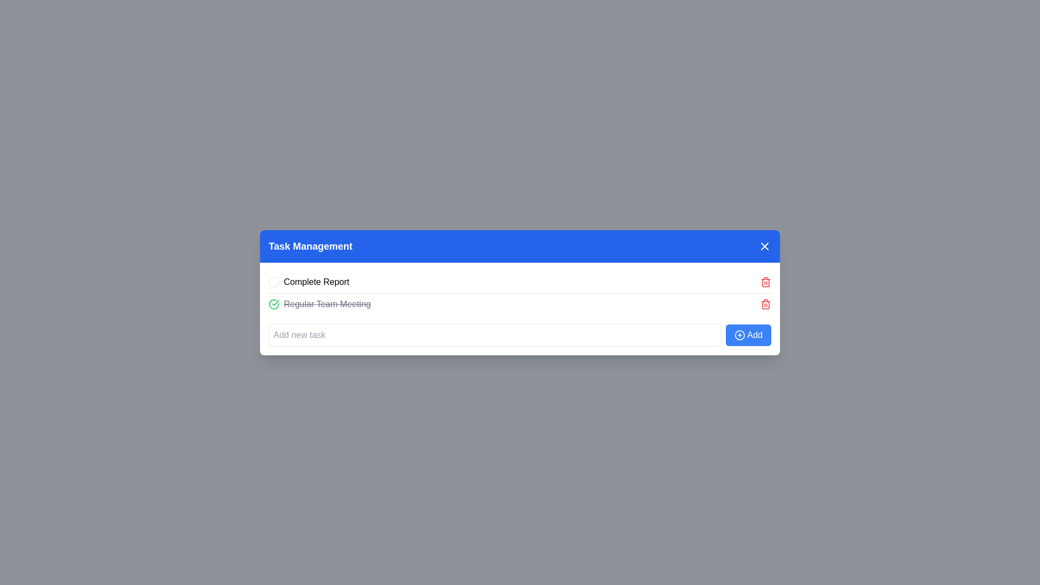 The image size is (1040, 585). I want to click on the red trash can icon button located at the far right of the 'Complete Report' row, so click(765, 281).